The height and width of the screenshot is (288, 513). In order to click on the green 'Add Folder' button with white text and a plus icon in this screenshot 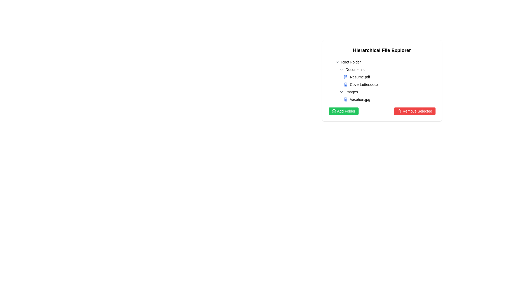, I will do `click(343, 111)`.